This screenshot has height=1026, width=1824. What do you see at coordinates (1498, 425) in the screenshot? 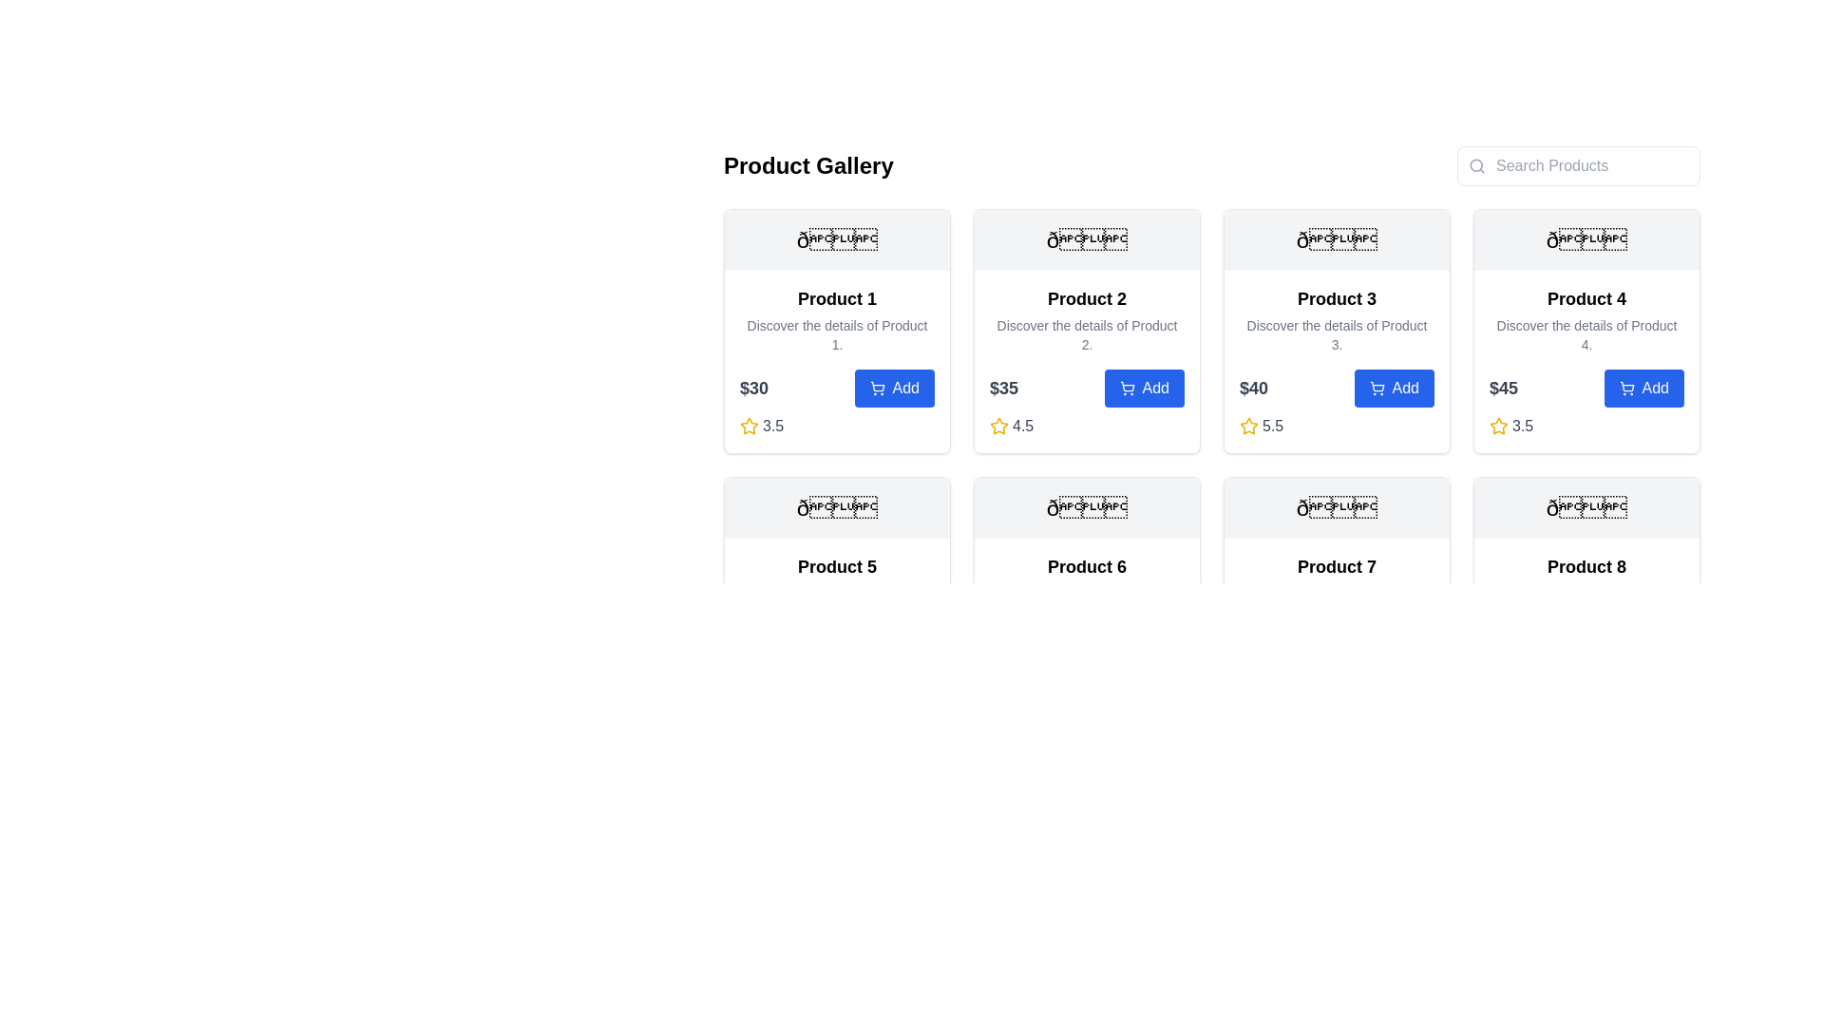
I see `the star-shaped SVG icon in golden yellow color, located next to the numeric rating '3.5' on the fourth product's information card` at bounding box center [1498, 425].